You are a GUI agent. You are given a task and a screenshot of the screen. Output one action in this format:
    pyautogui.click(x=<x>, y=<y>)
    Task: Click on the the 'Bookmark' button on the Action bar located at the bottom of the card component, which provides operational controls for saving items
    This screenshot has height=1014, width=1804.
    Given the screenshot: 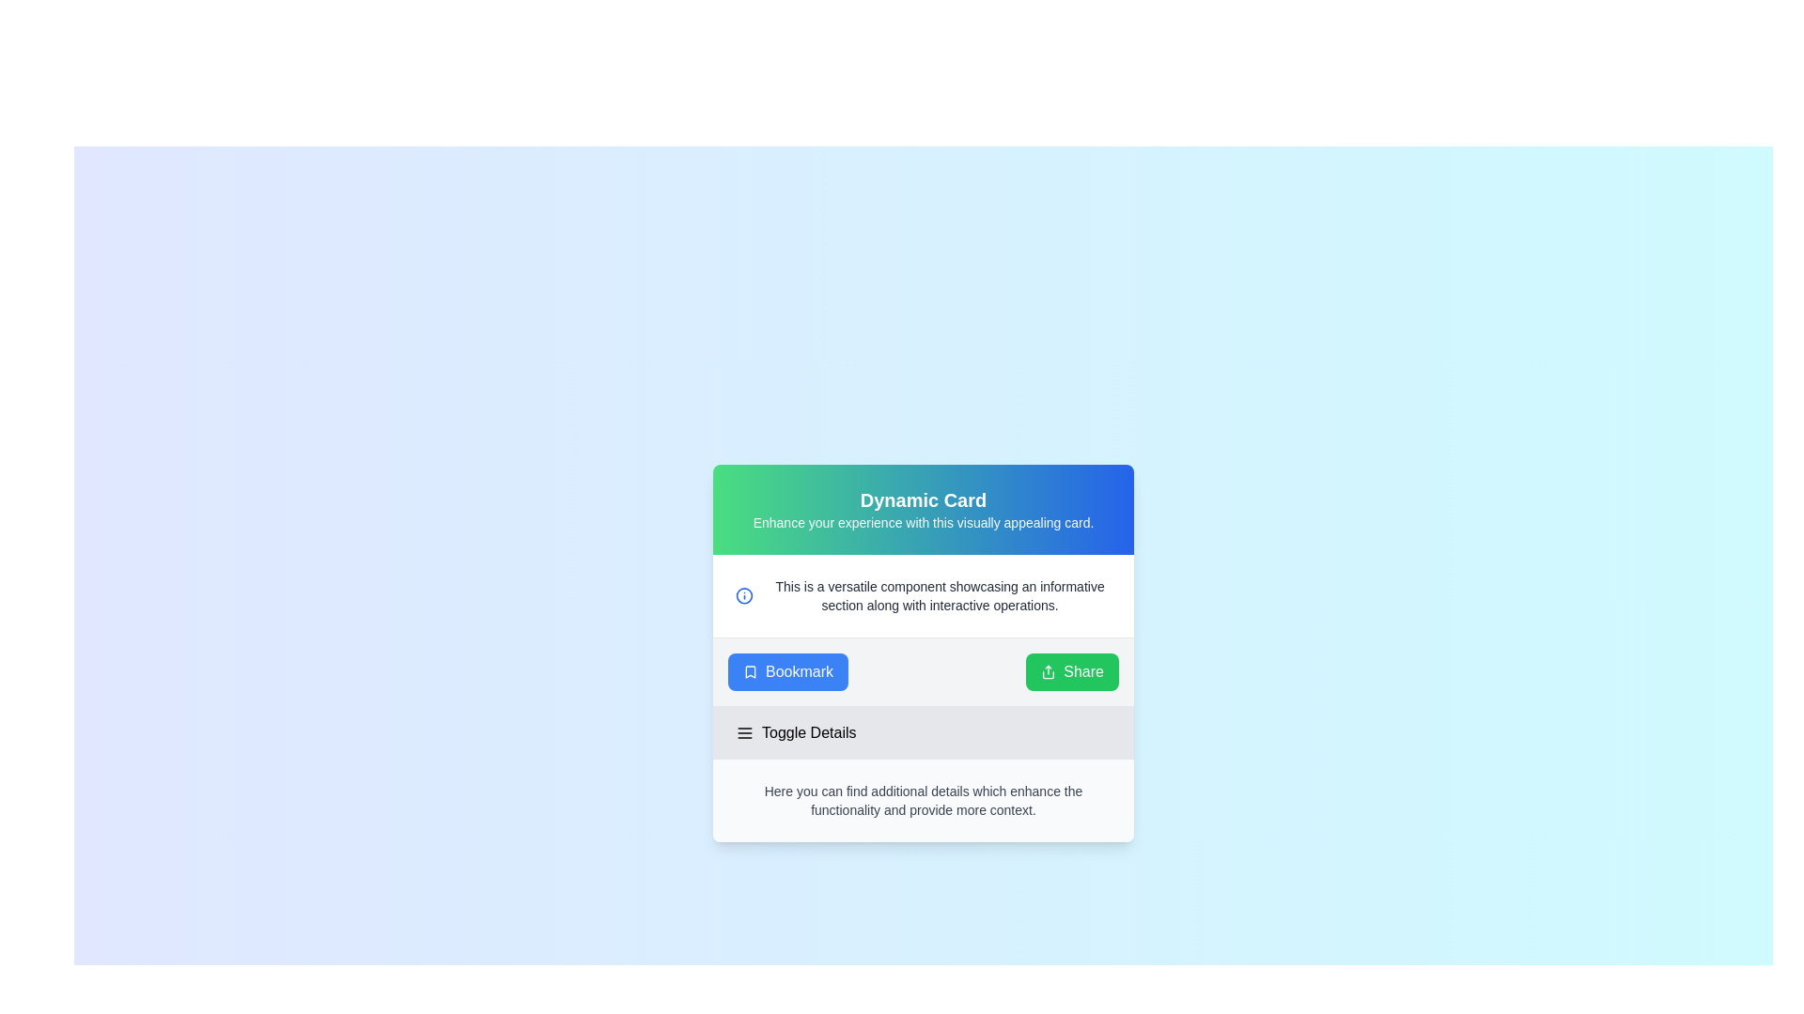 What is the action you would take?
    pyautogui.click(x=924, y=669)
    